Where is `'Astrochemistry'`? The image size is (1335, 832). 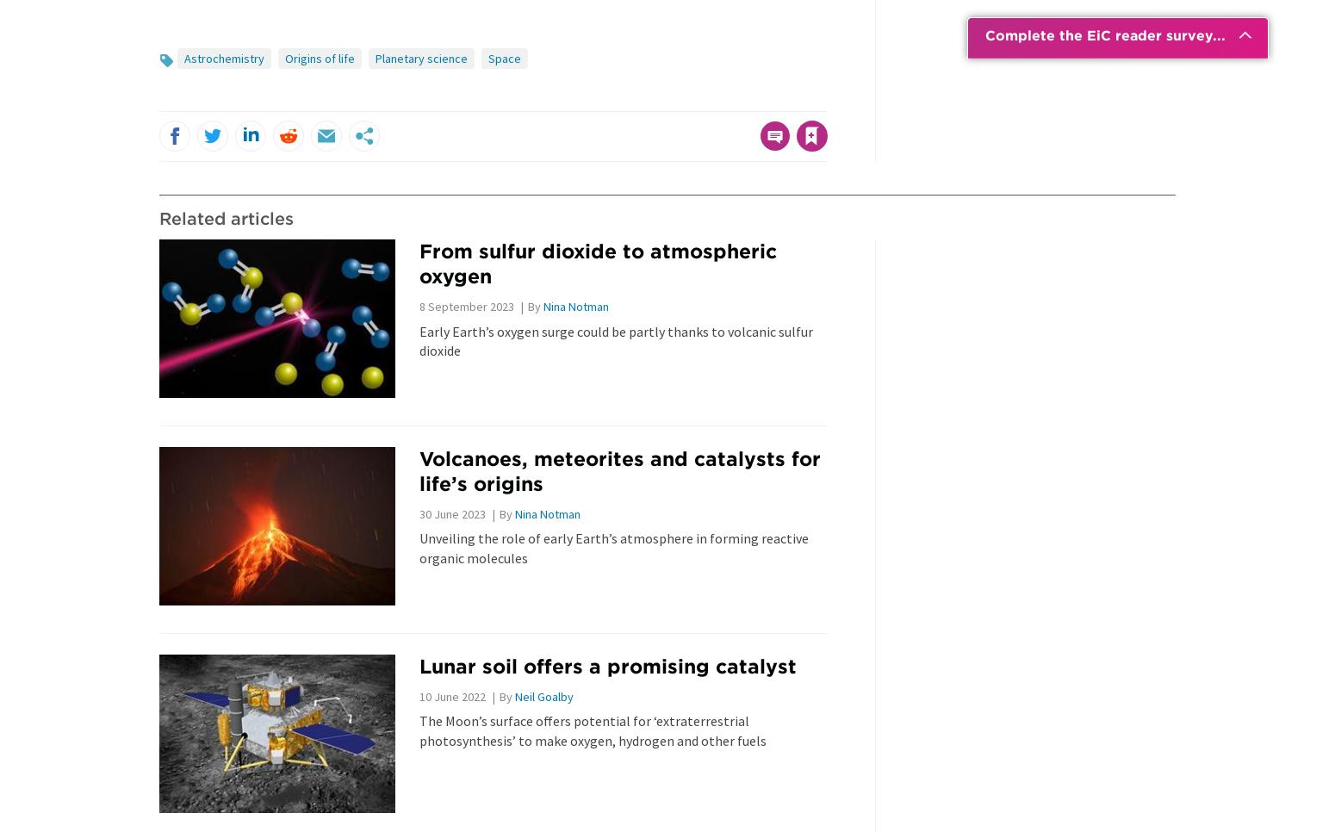
'Astrochemistry' is located at coordinates (224, 58).